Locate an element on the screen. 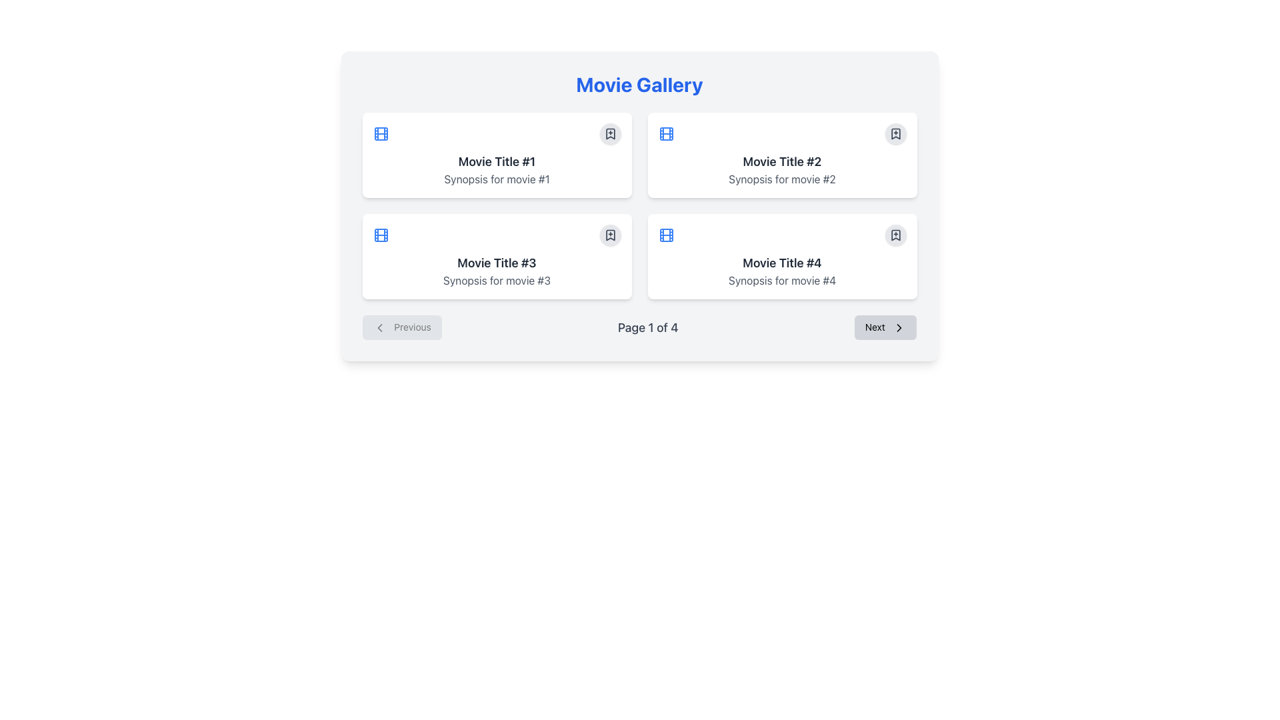  the film reel icon located in the leftmost card of the top row, positioned to the left of the text 'Movie Title #1' for interaction is located at coordinates (380, 133).